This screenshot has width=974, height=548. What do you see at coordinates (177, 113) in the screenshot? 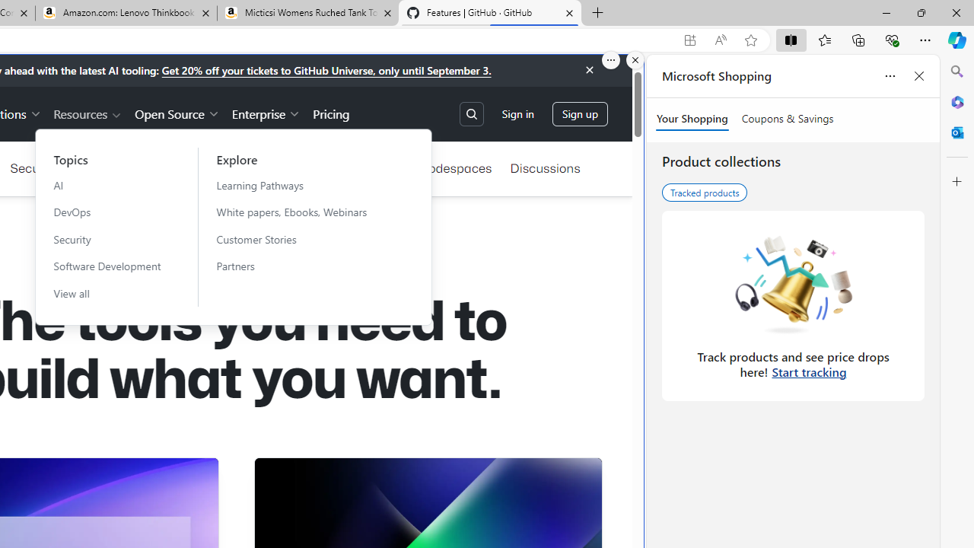
I see `'Open Source'` at bounding box center [177, 113].